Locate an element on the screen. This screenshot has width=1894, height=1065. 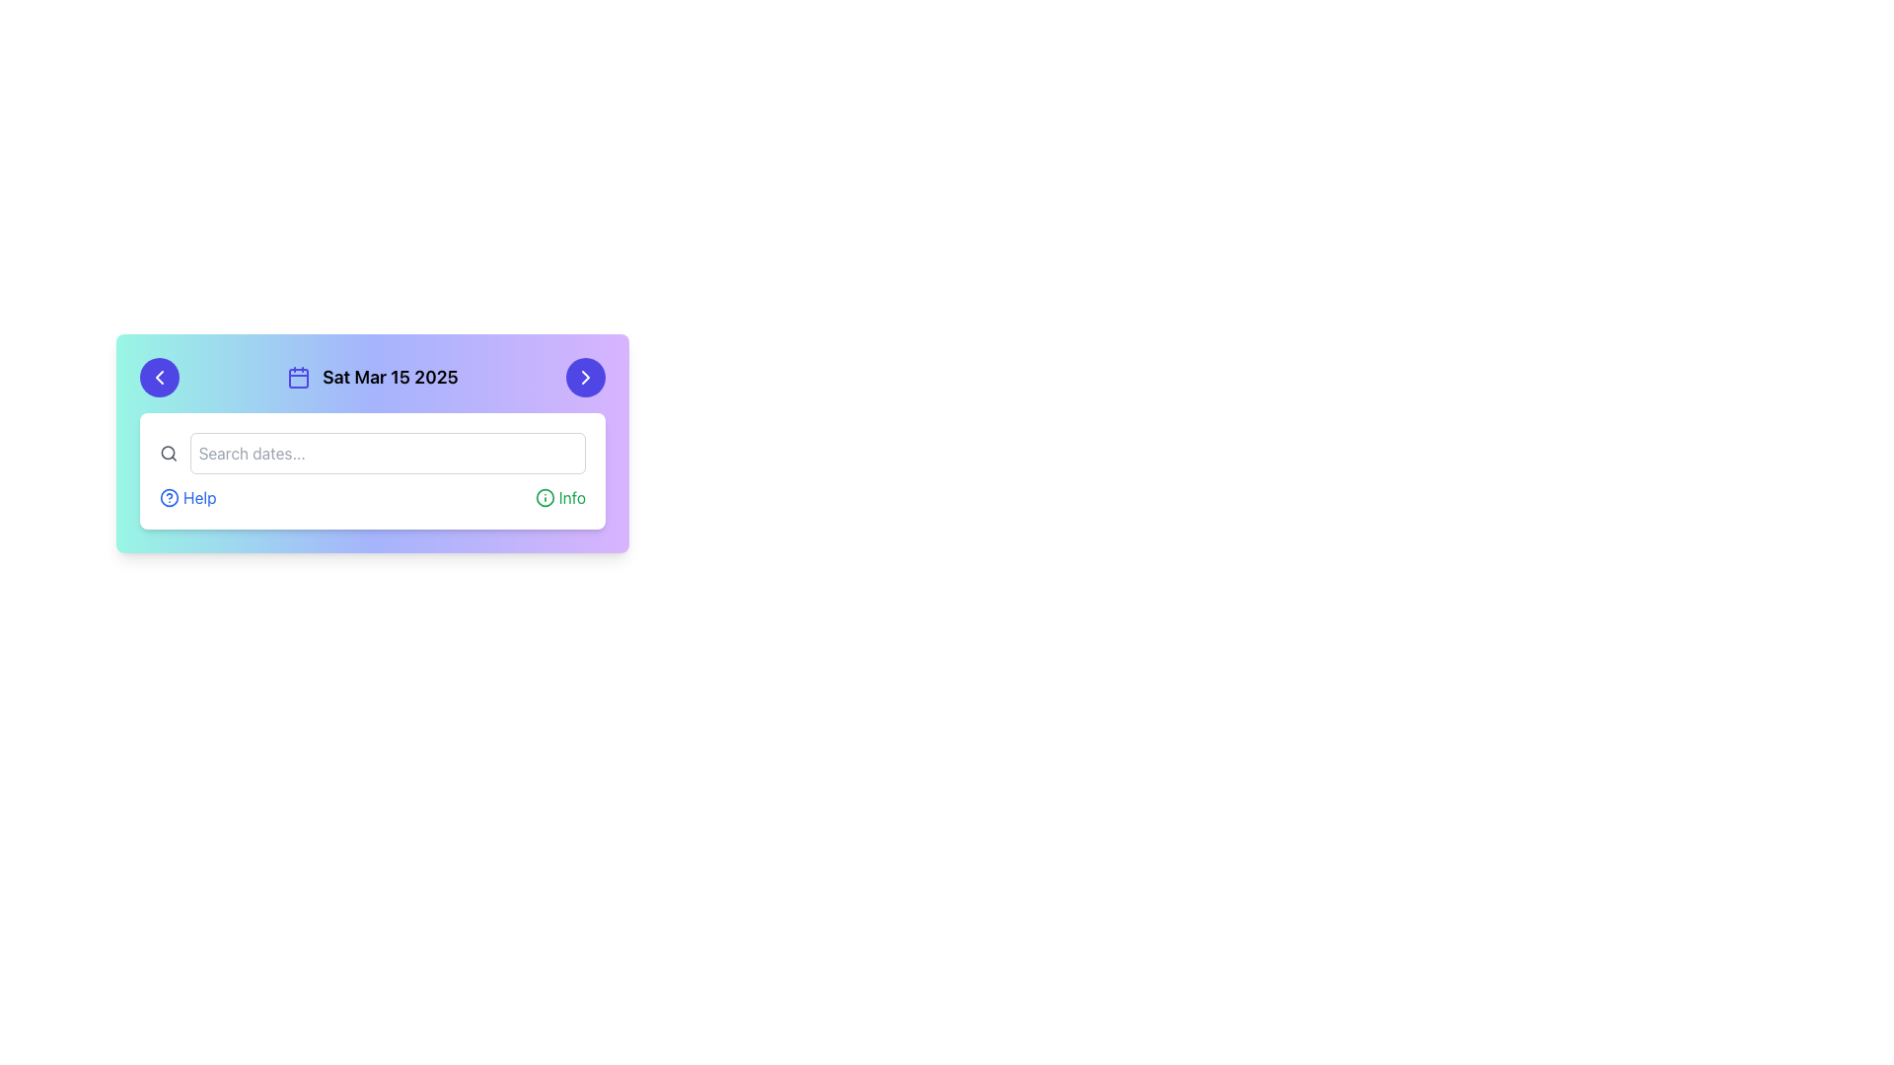
the static text label that displays the date, located at the top section of a styled card interface, positioned to the right of a calendar icon and to the left of a right-pointing arrow icon is located at coordinates (390, 377).